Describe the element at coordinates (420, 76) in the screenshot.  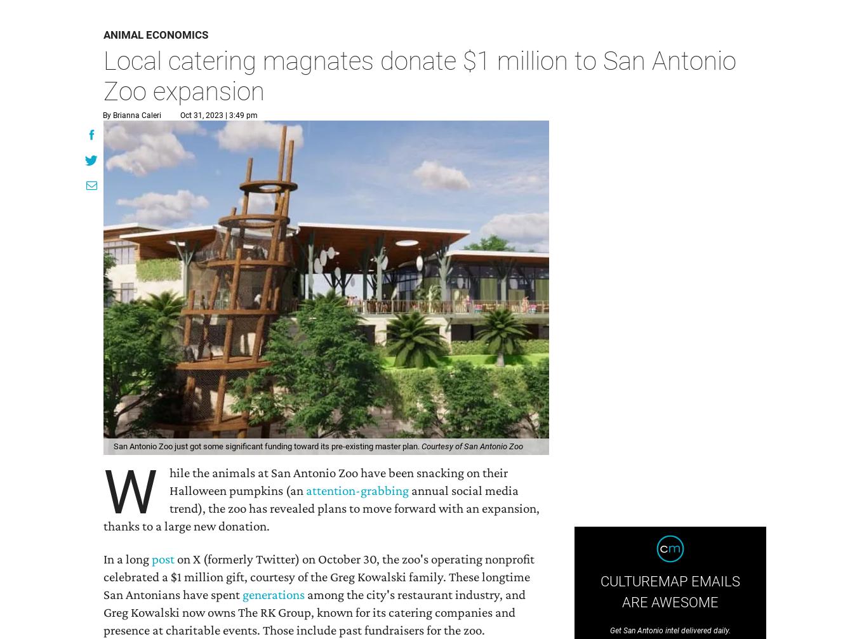
I see `'Local catering magnates donate $1 million to San Antonio Zoo expansion'` at that location.